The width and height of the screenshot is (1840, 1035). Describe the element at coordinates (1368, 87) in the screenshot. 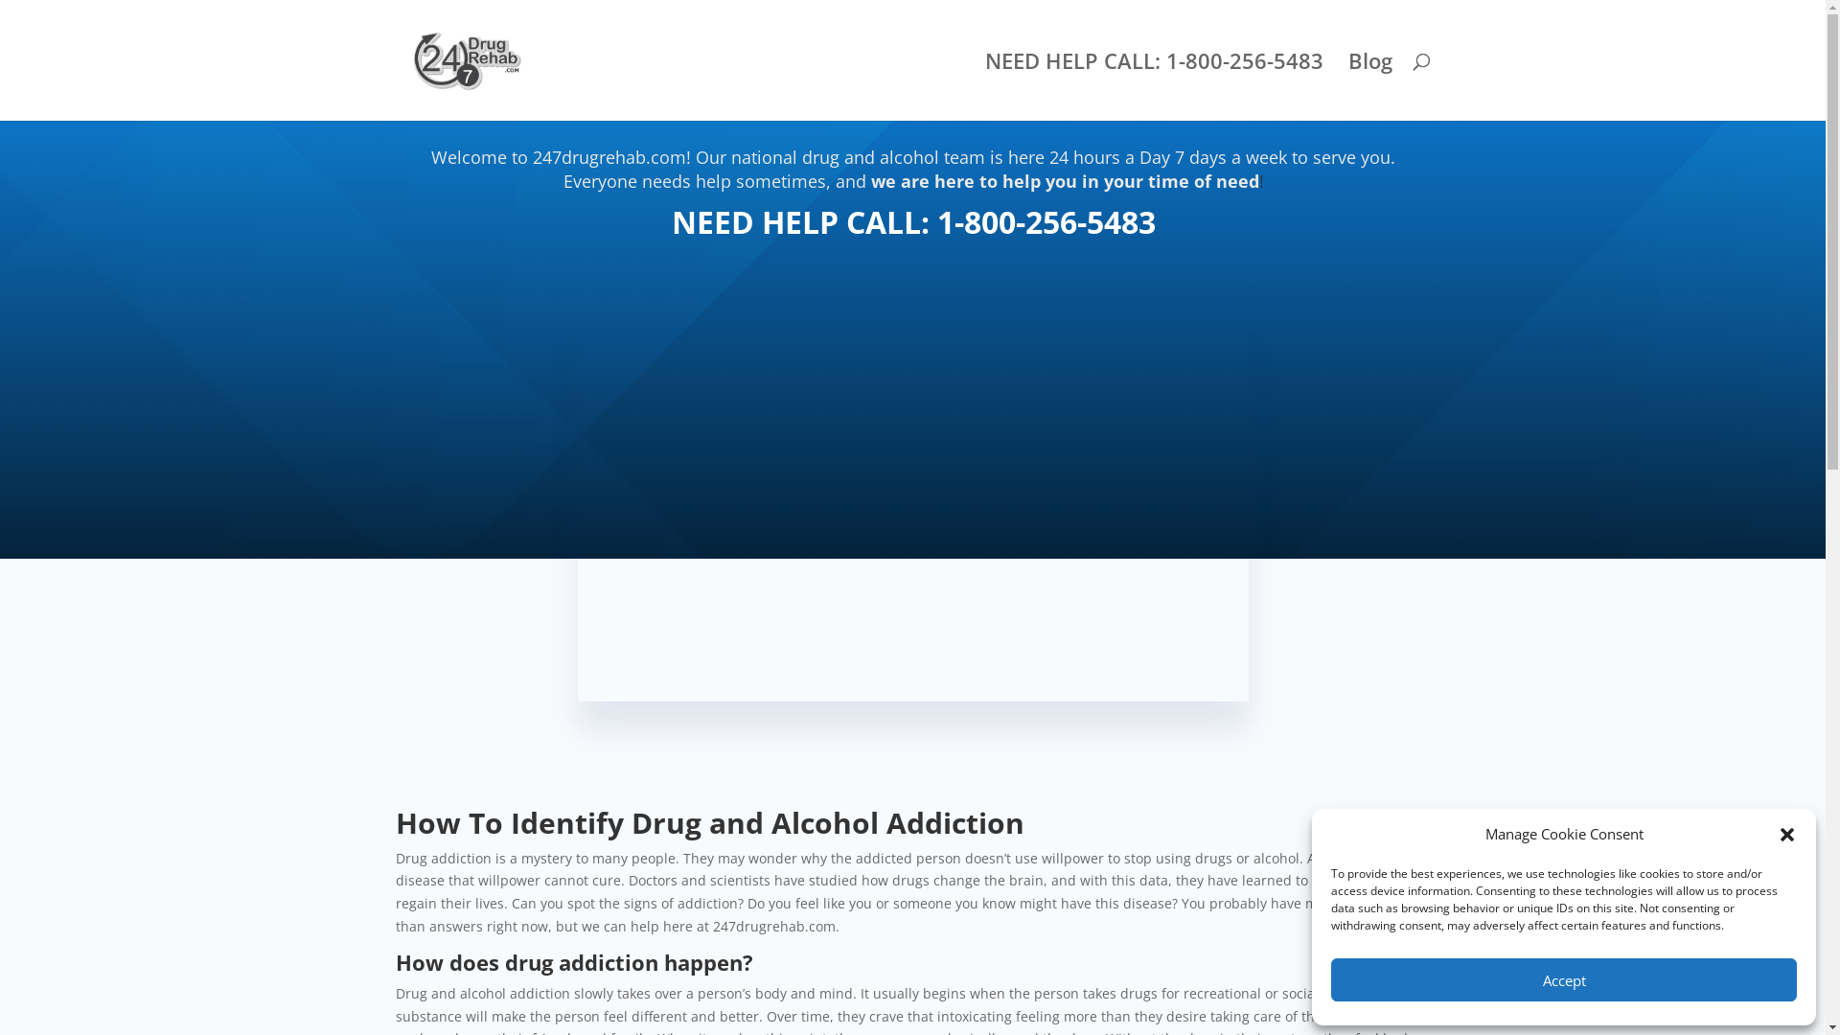

I see `'Blog'` at that location.